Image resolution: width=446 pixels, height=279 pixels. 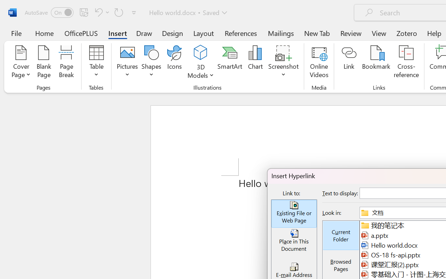 What do you see at coordinates (16, 33) in the screenshot?
I see `'File Tab'` at bounding box center [16, 33].